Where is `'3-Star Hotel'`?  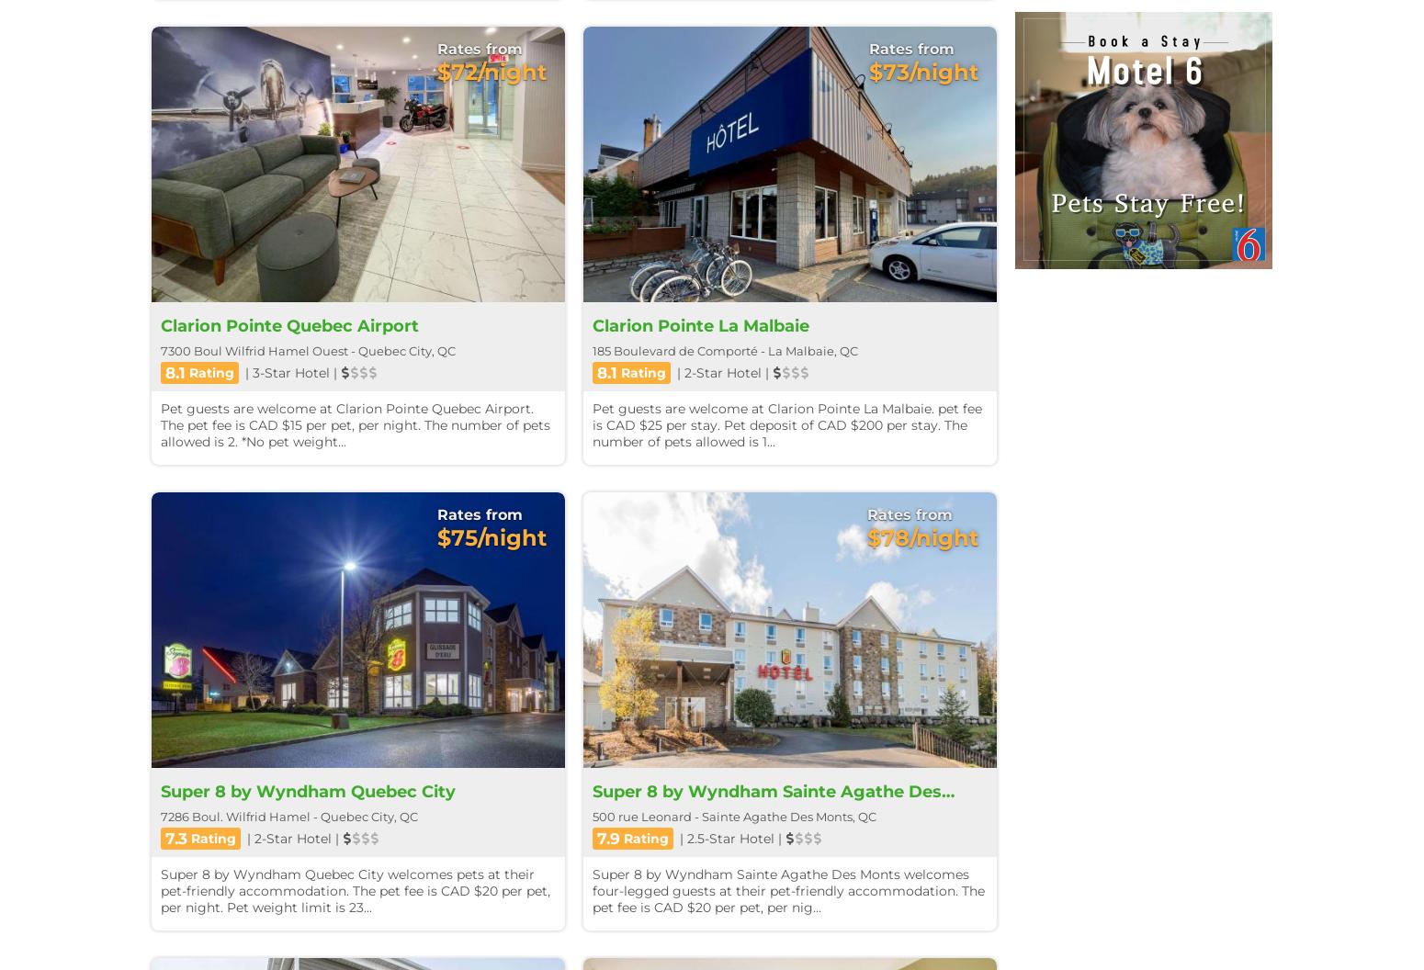
'3-Star Hotel' is located at coordinates (291, 371).